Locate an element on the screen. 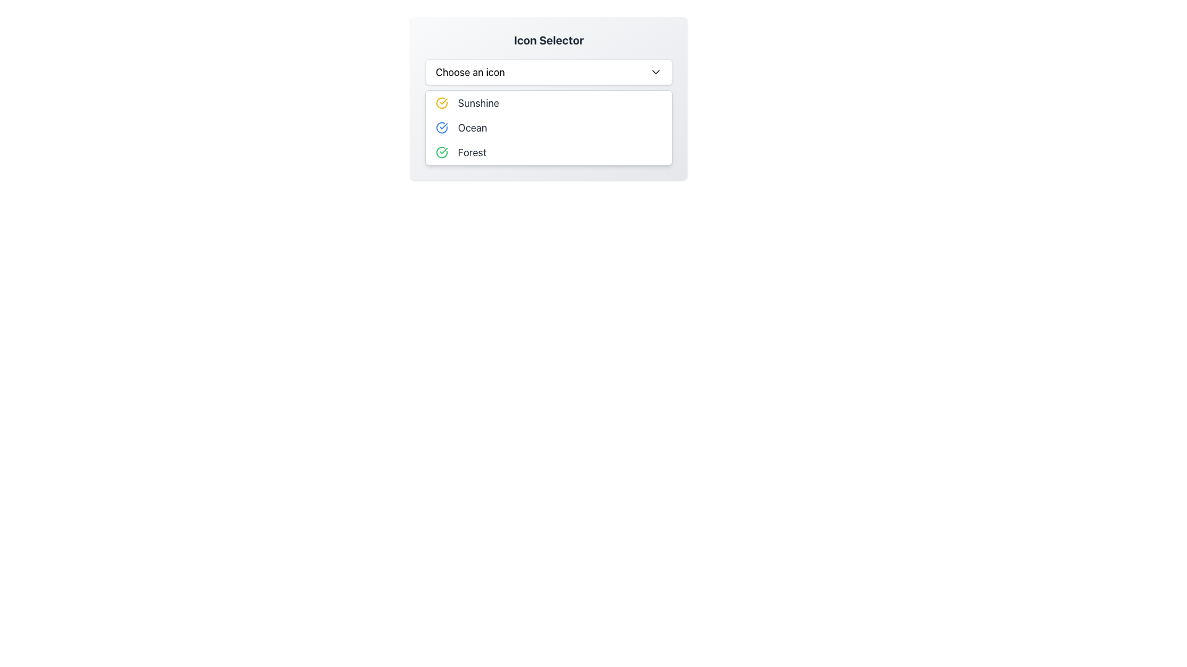  the 'Ocean' text label, which is styled in gray (#gray-800) and is located in the second position of a vertically stacked selection menu is located at coordinates (472, 128).